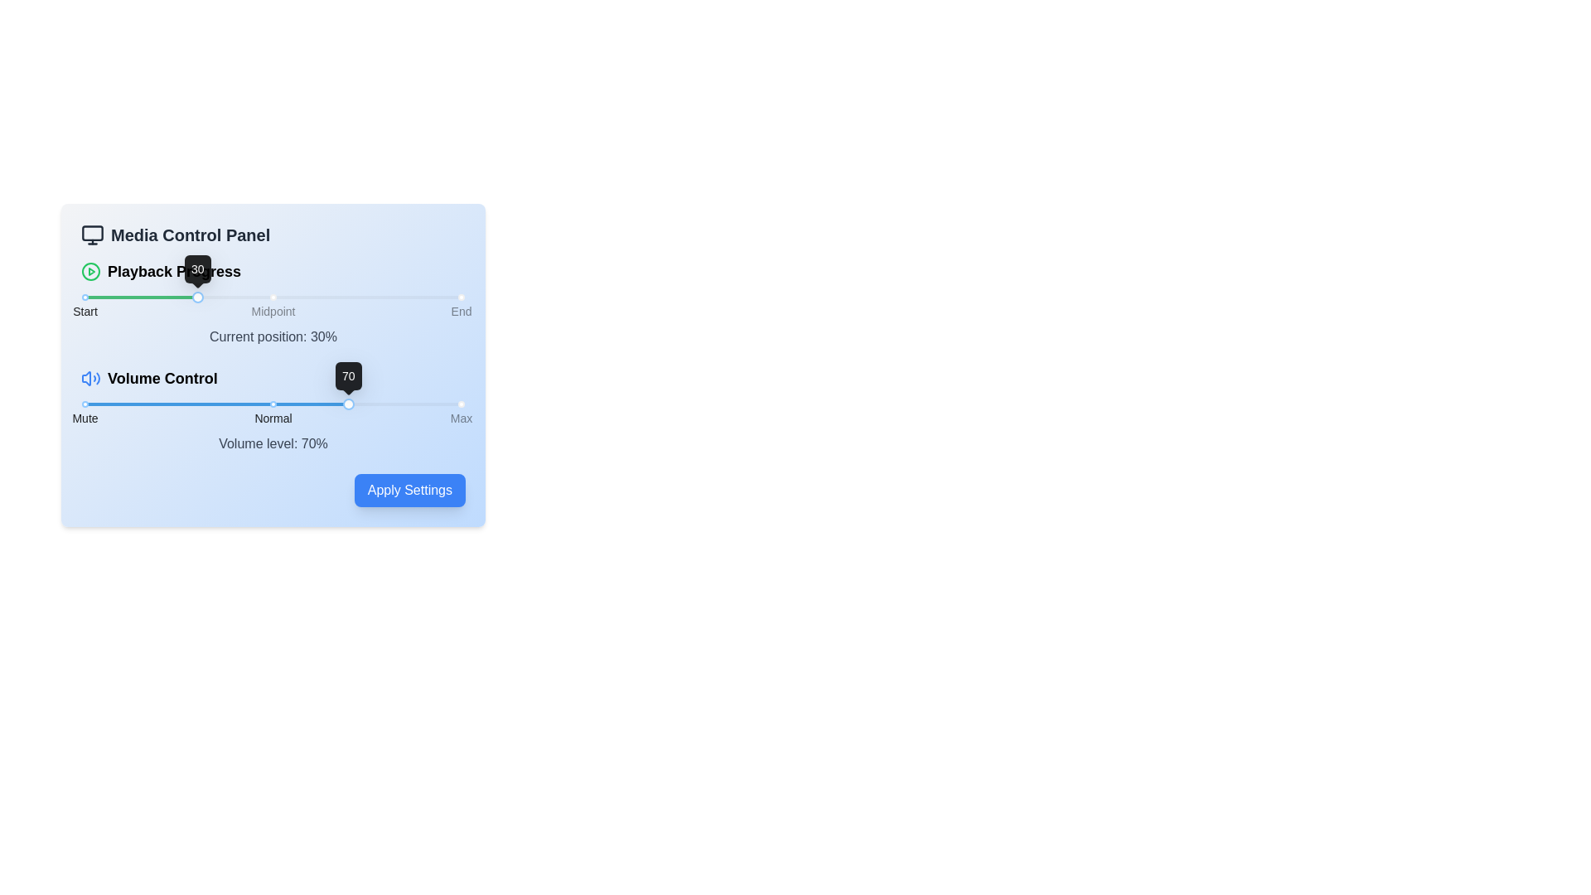 This screenshot has height=895, width=1591. What do you see at coordinates (90, 270) in the screenshot?
I see `the play icon located to the left of the text 'Playback Progress' in the playback control section` at bounding box center [90, 270].